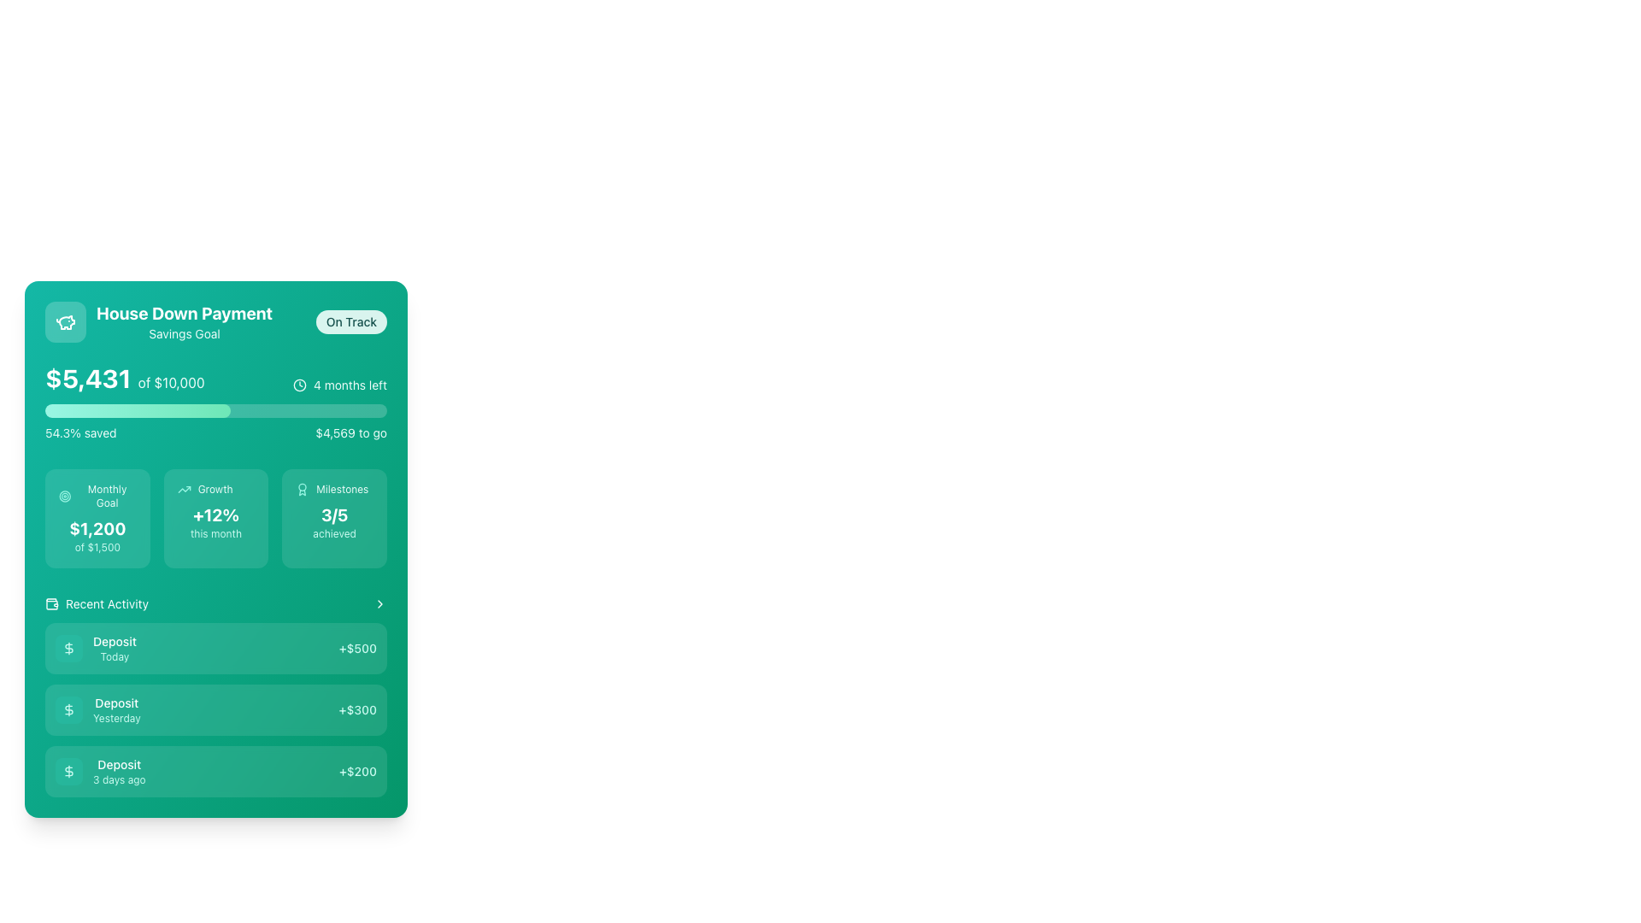 This screenshot has width=1641, height=923. Describe the element at coordinates (350, 322) in the screenshot. I see `the pill-shaped label with the text 'On Track', which has a light teal background and is positioned at the top right corner of the green card section next to the main heading 'House Down Payment'` at that location.